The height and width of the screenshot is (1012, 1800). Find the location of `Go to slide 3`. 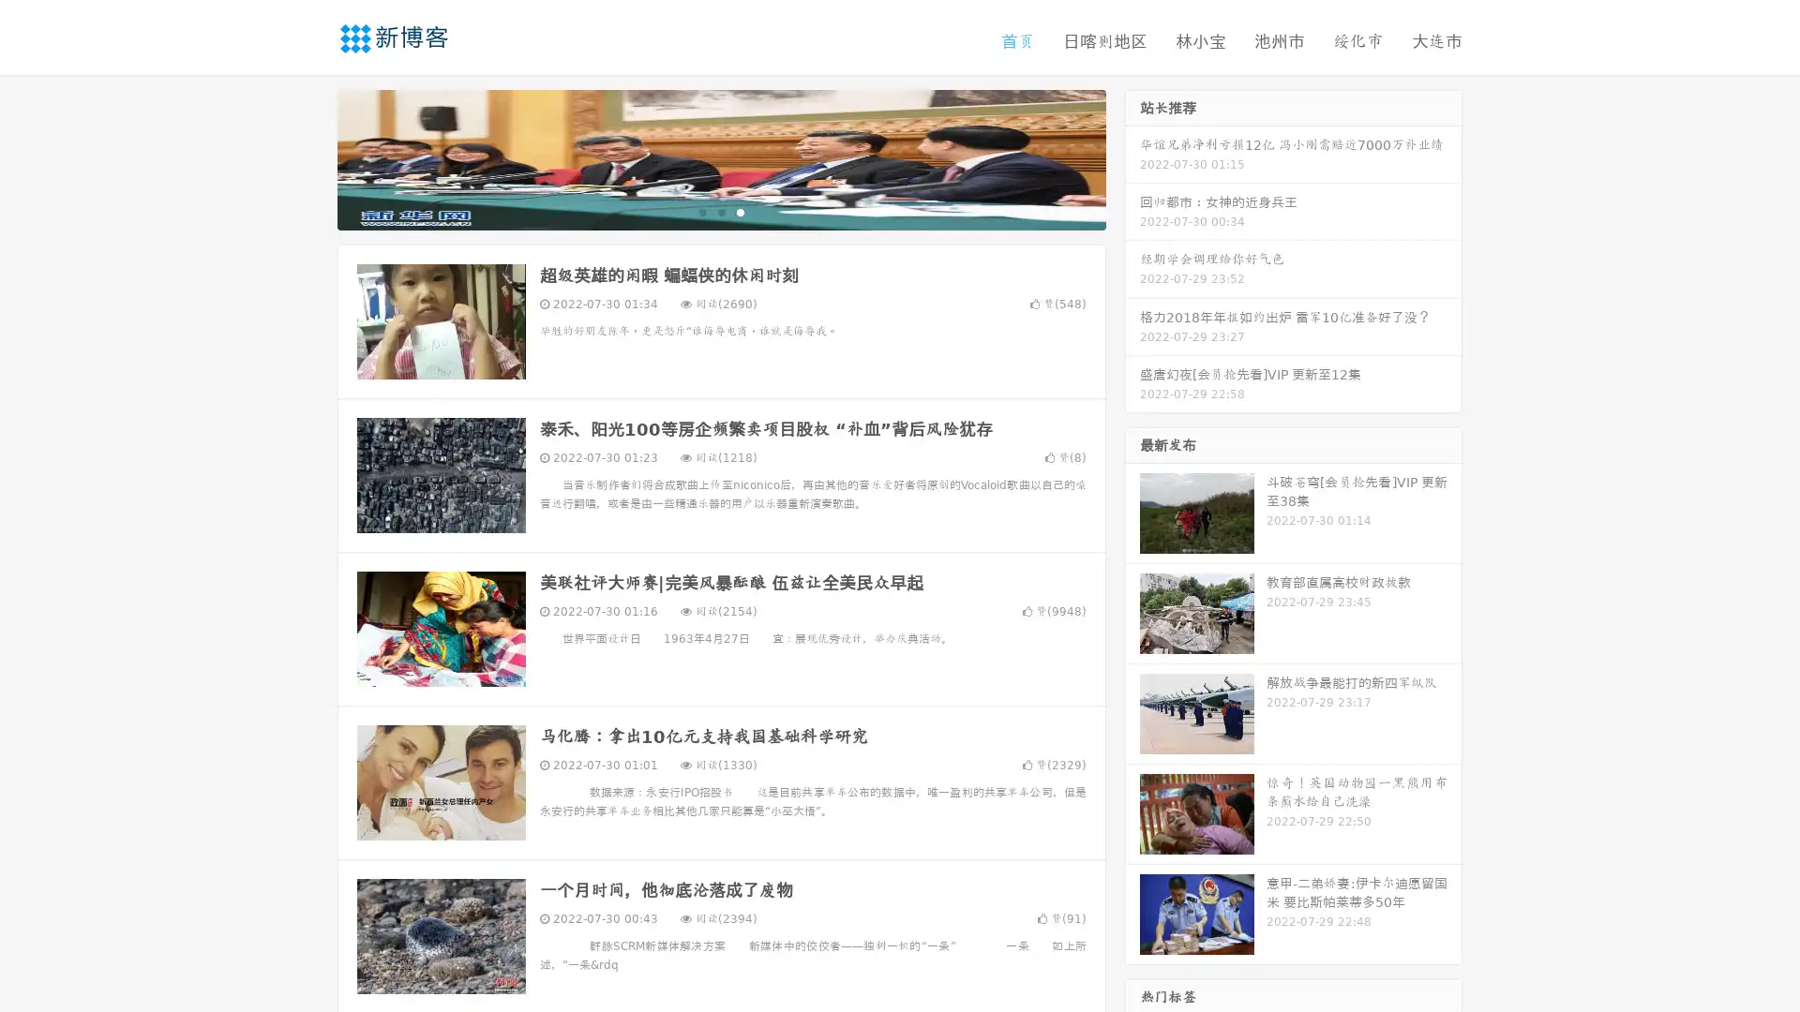

Go to slide 3 is located at coordinates (740, 211).